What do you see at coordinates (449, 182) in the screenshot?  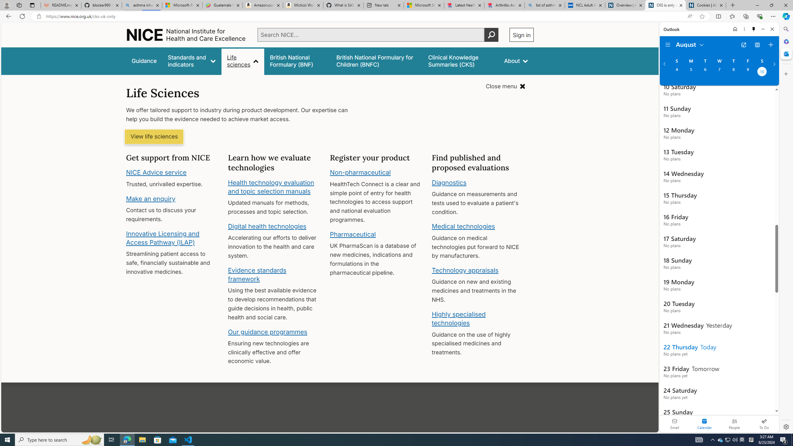 I see `'Diagnostics'` at bounding box center [449, 182].